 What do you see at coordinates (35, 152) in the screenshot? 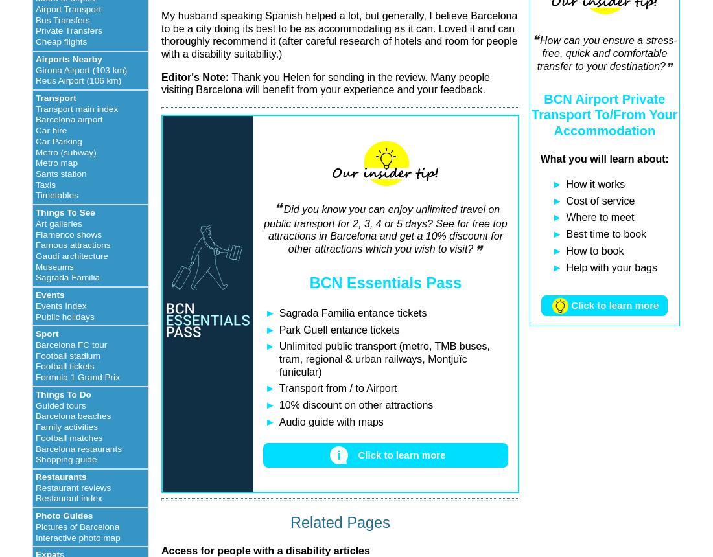
I see `'Metro (subway)'` at bounding box center [35, 152].